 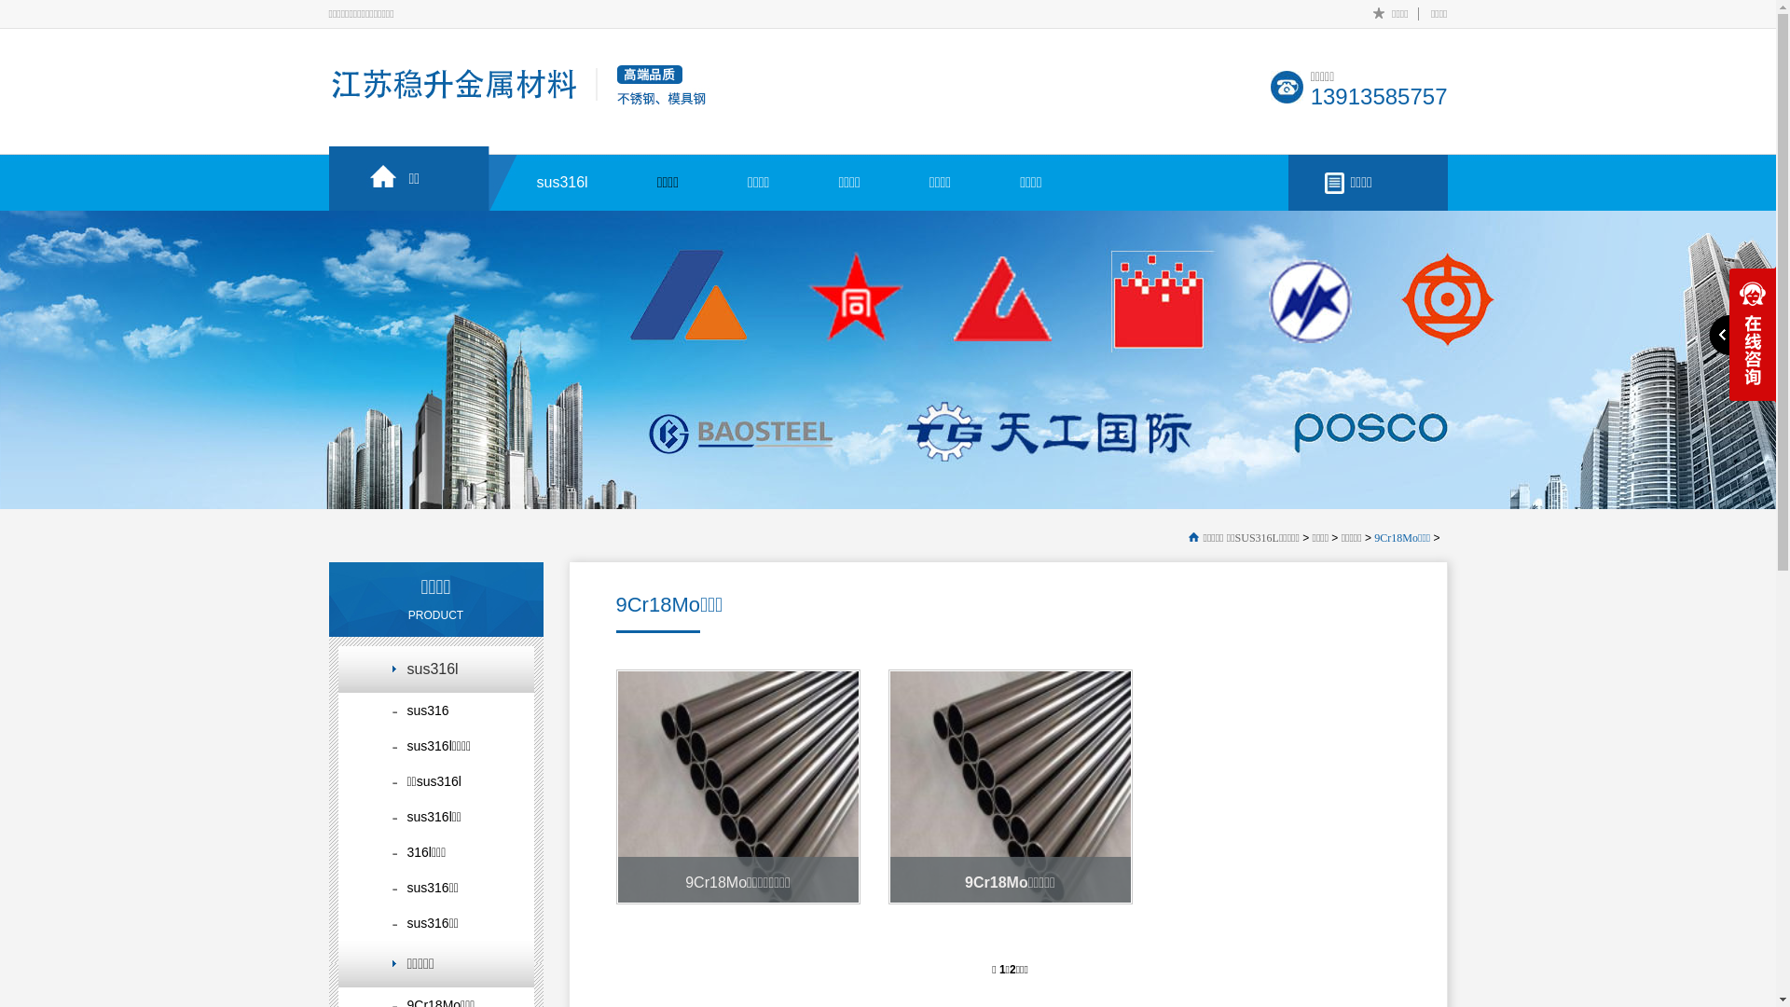 What do you see at coordinates (561, 169) in the screenshot?
I see `'sus316l'` at bounding box center [561, 169].